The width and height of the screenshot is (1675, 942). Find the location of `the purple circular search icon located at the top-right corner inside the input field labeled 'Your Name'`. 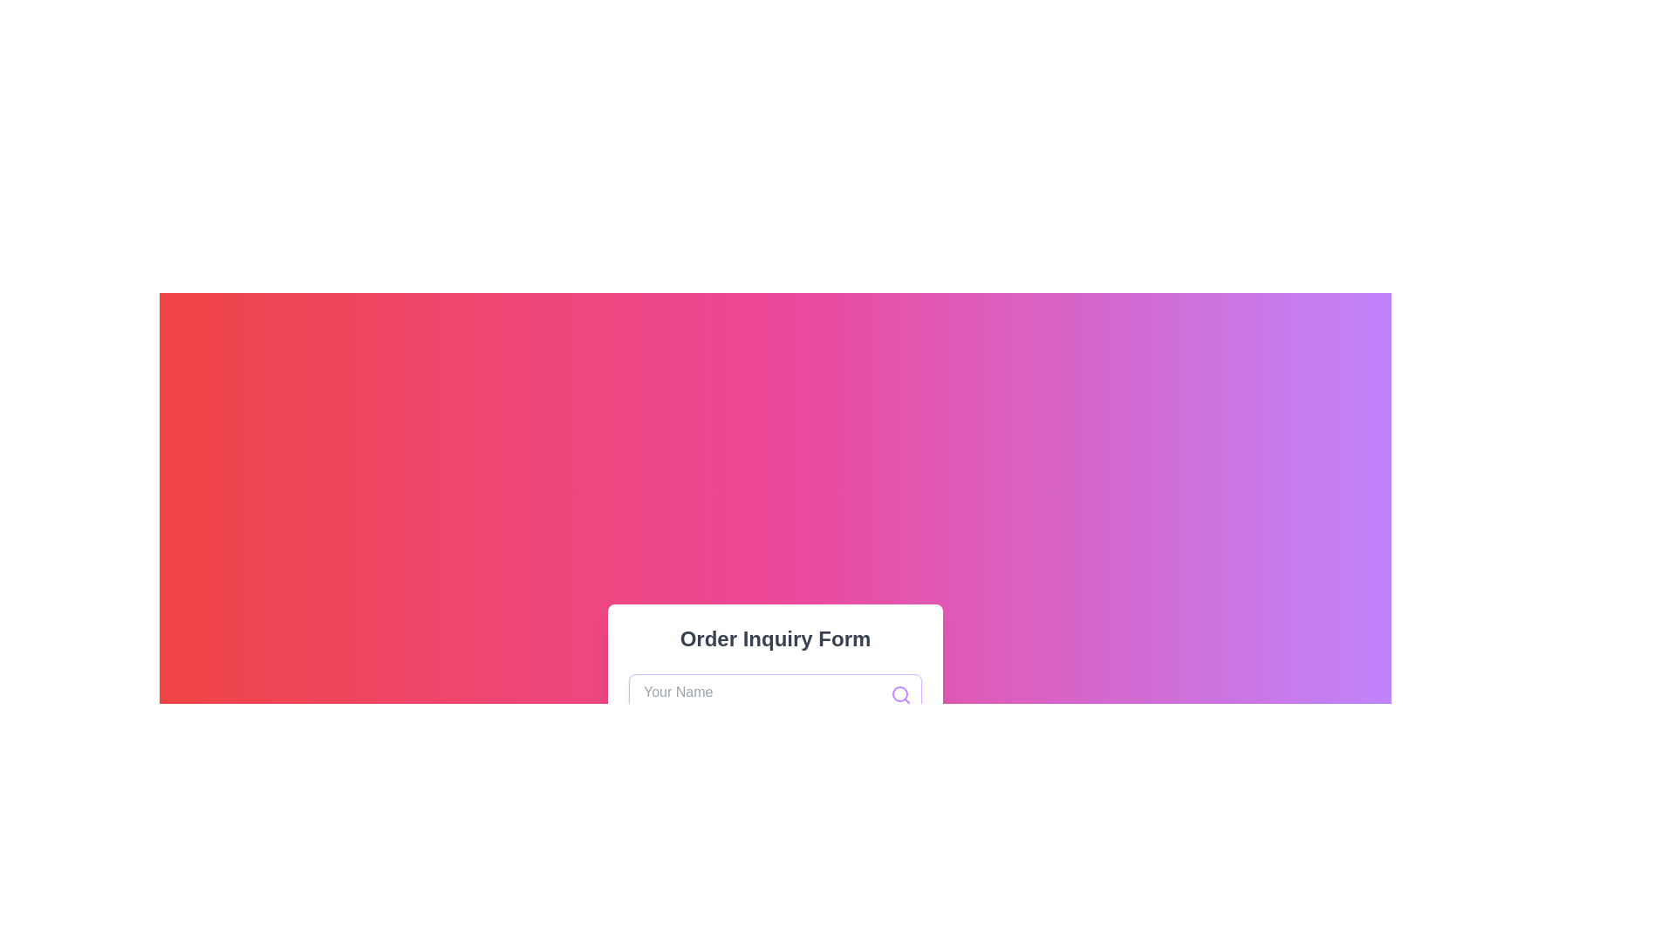

the purple circular search icon located at the top-right corner inside the input field labeled 'Your Name' is located at coordinates (900, 693).